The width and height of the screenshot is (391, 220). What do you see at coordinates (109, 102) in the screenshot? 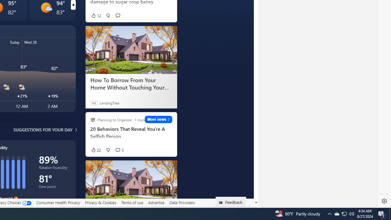
I see `'LendingTree'` at bounding box center [109, 102].